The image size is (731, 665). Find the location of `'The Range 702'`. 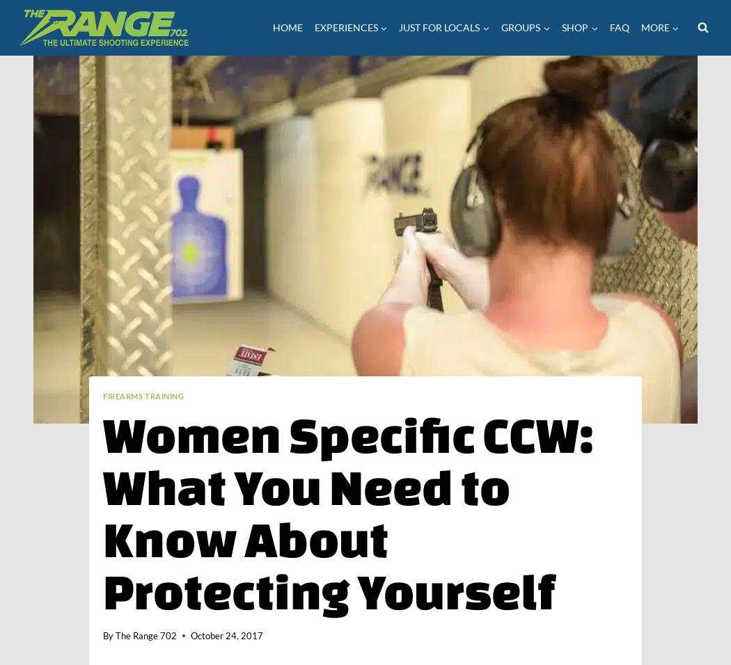

'The Range 702' is located at coordinates (146, 636).